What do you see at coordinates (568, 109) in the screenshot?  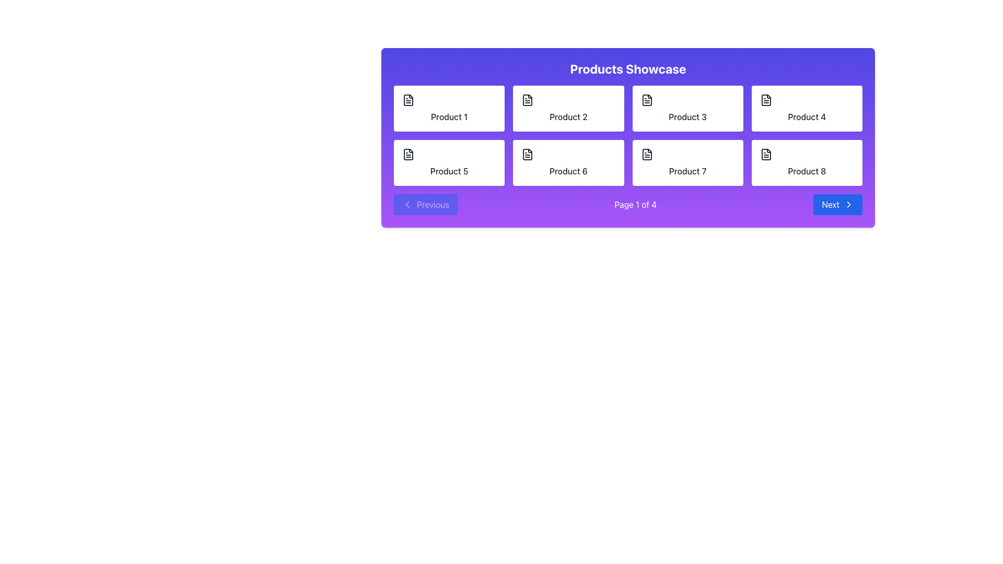 I see `the Display Card element that shows 'Product 2' with a file document icon, located in the first row, second column of the Products Showcase section` at bounding box center [568, 109].